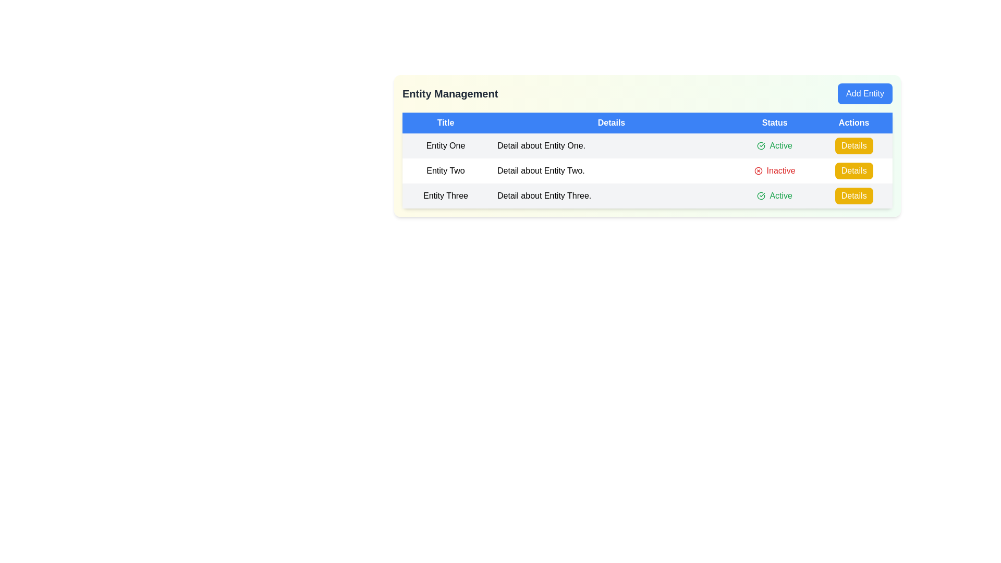  I want to click on the decorative circular checkmark icon with a green outline located in the 'Status' column next to the 'Active' label for 'Entity Three.', so click(761, 146).